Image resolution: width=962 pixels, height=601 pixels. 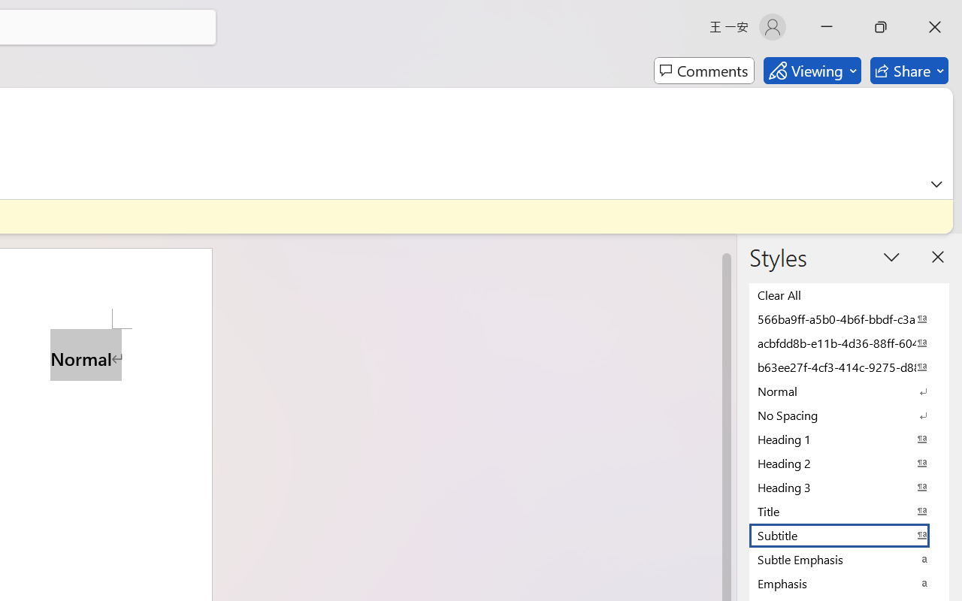 I want to click on 'Heading 1', so click(x=849, y=438).